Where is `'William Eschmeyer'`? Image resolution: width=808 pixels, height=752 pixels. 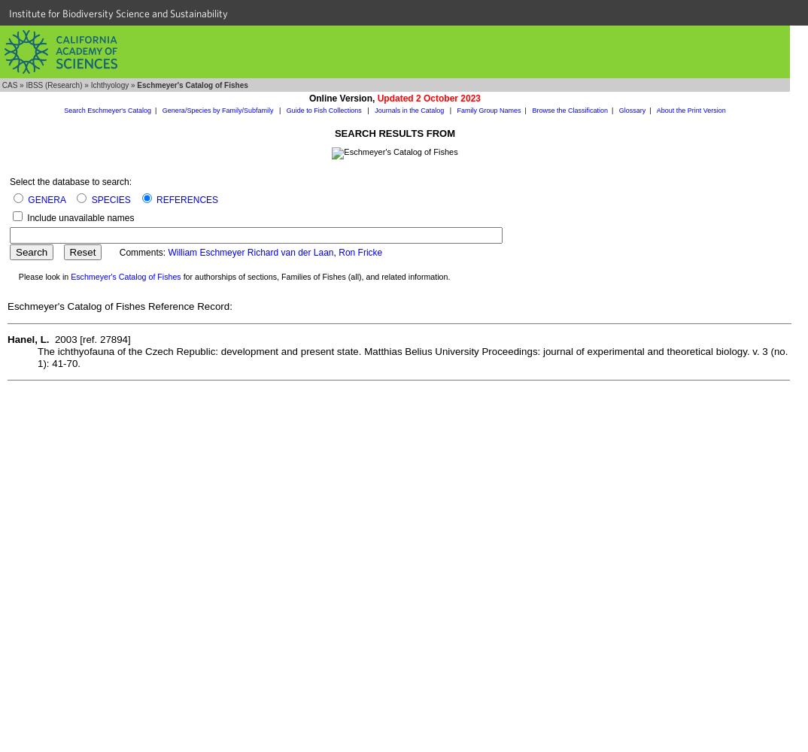 'William Eschmeyer' is located at coordinates (205, 251).